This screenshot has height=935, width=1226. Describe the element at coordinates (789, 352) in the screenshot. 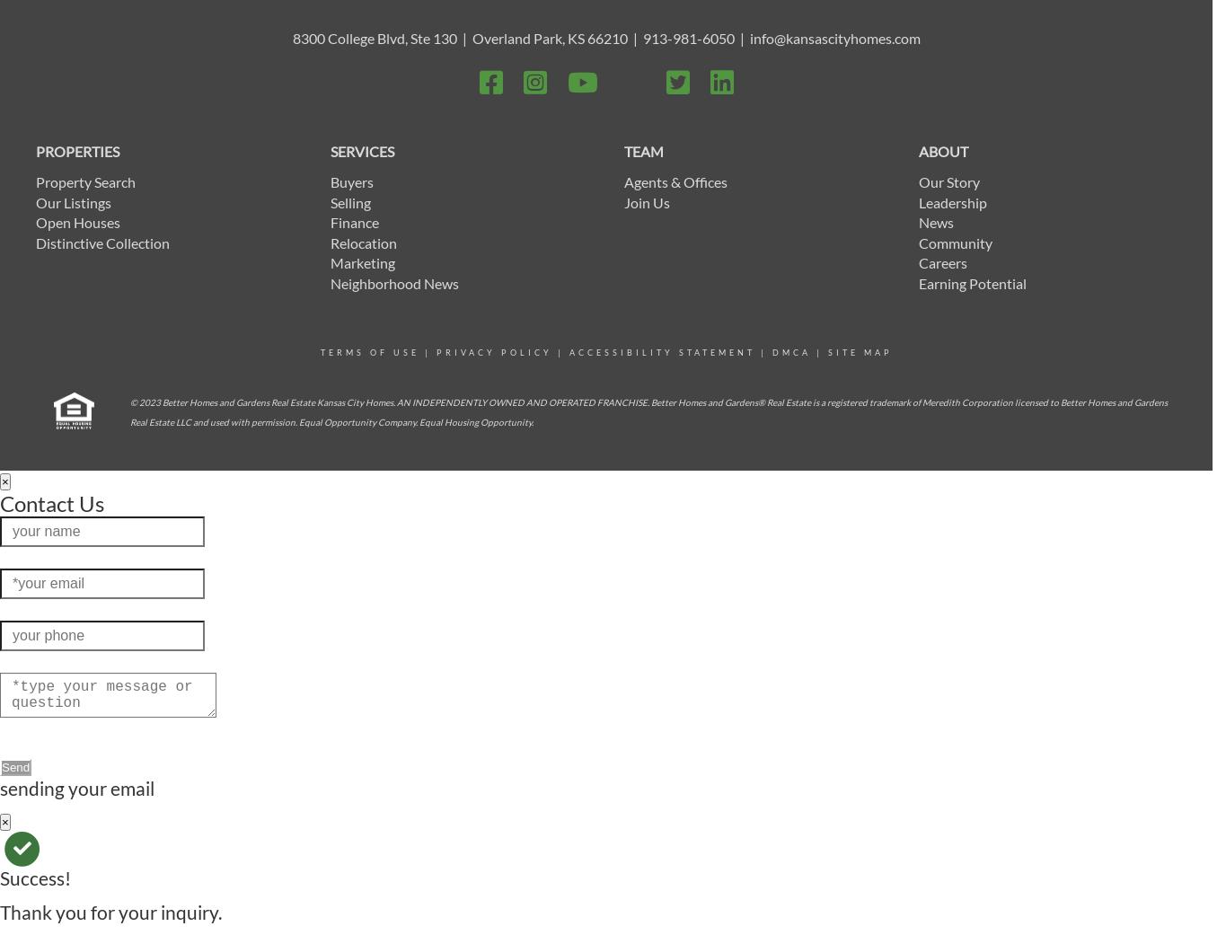

I see `'DMCA'` at that location.